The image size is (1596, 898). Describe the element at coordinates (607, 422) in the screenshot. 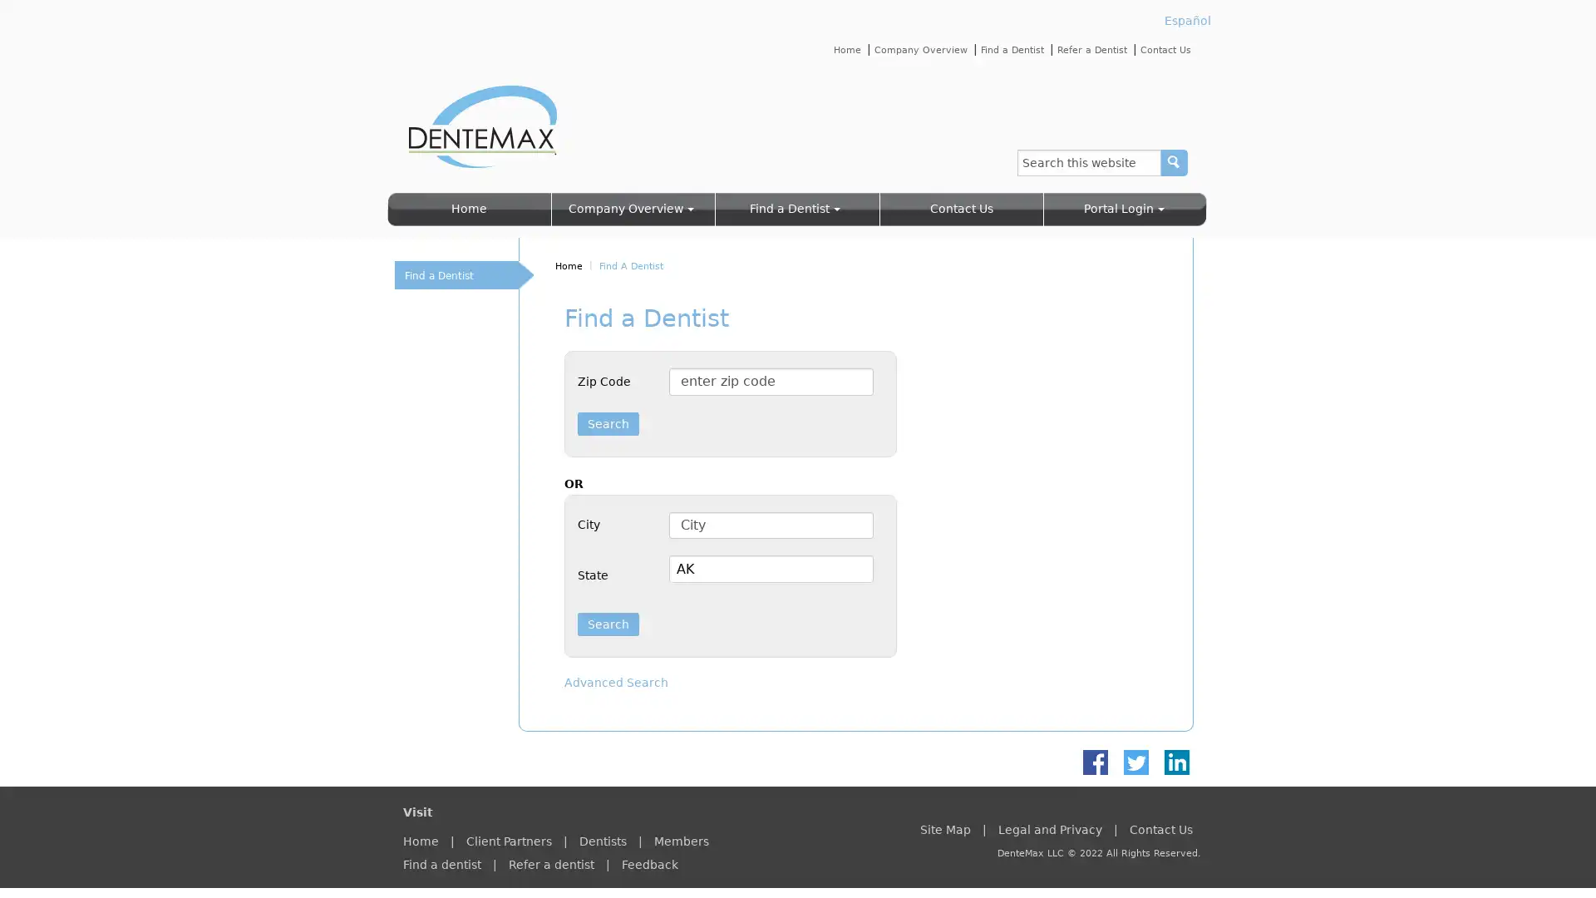

I see `Search` at that location.